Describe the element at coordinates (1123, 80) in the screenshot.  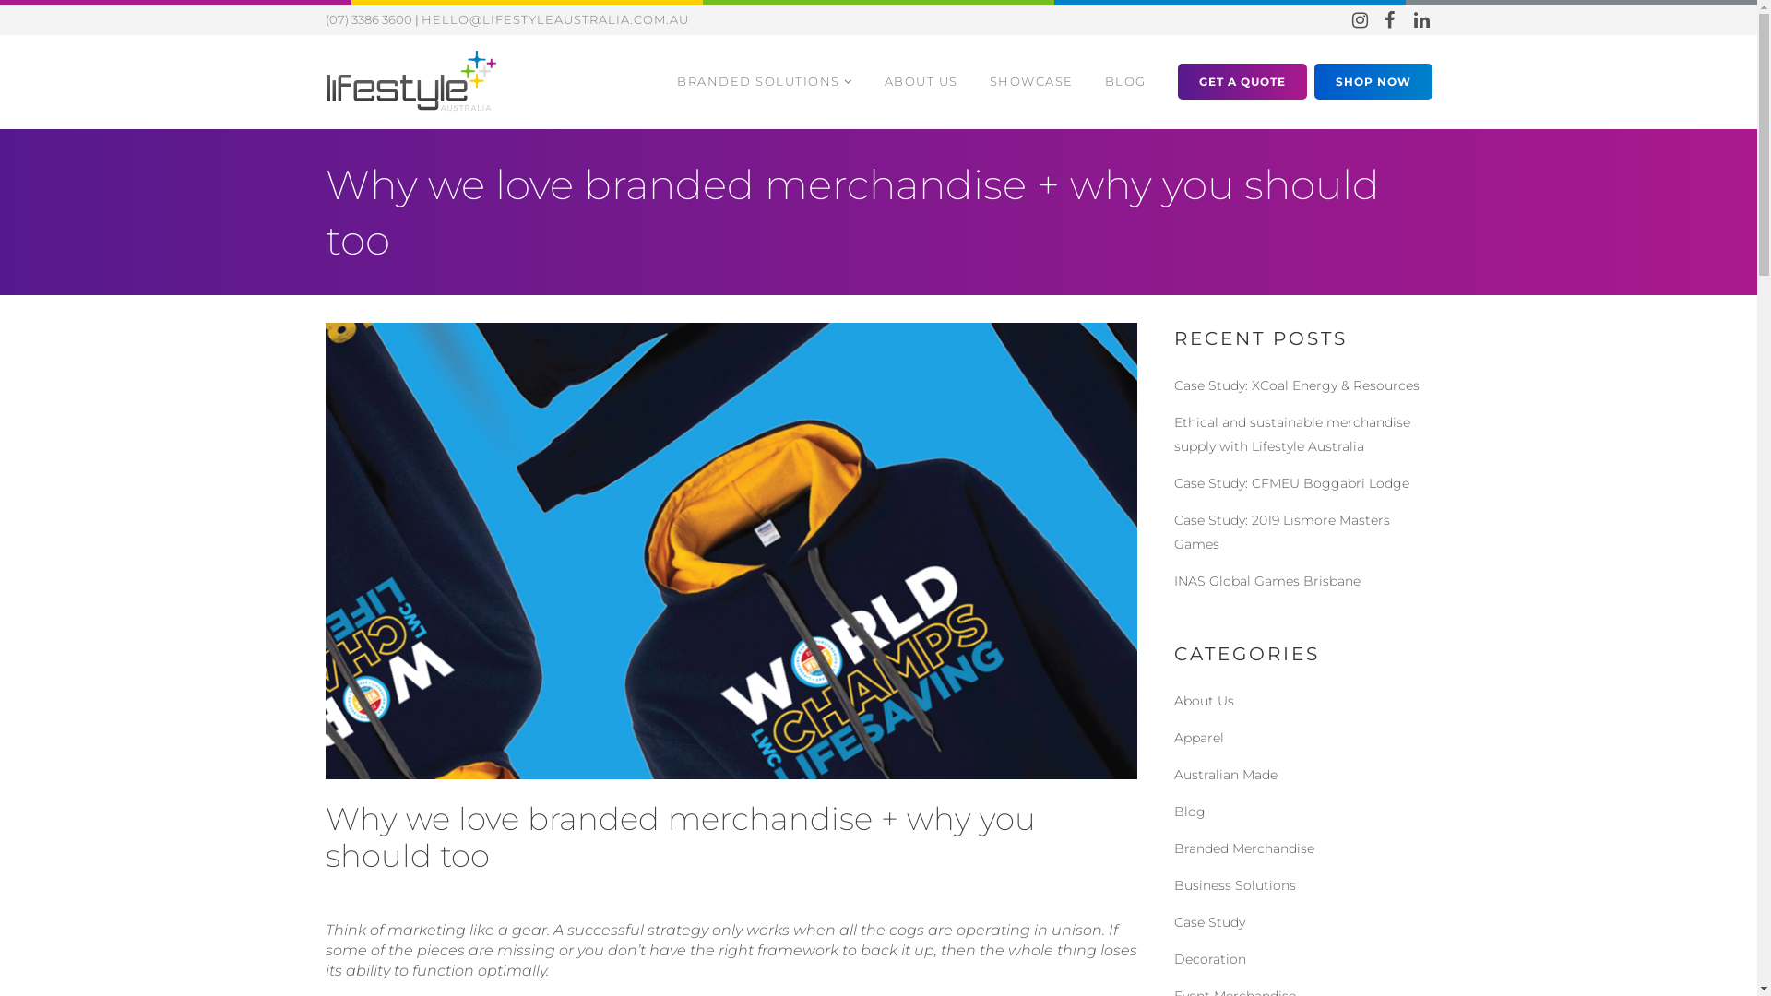
I see `'BLOG'` at that location.